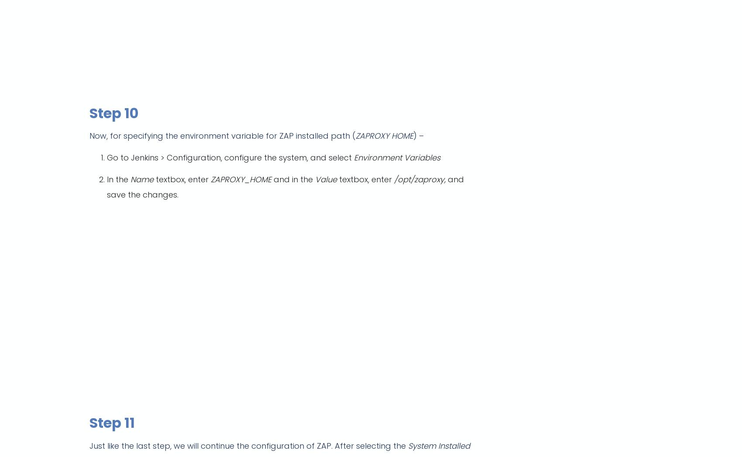  Describe the element at coordinates (119, 179) in the screenshot. I see `'In the'` at that location.